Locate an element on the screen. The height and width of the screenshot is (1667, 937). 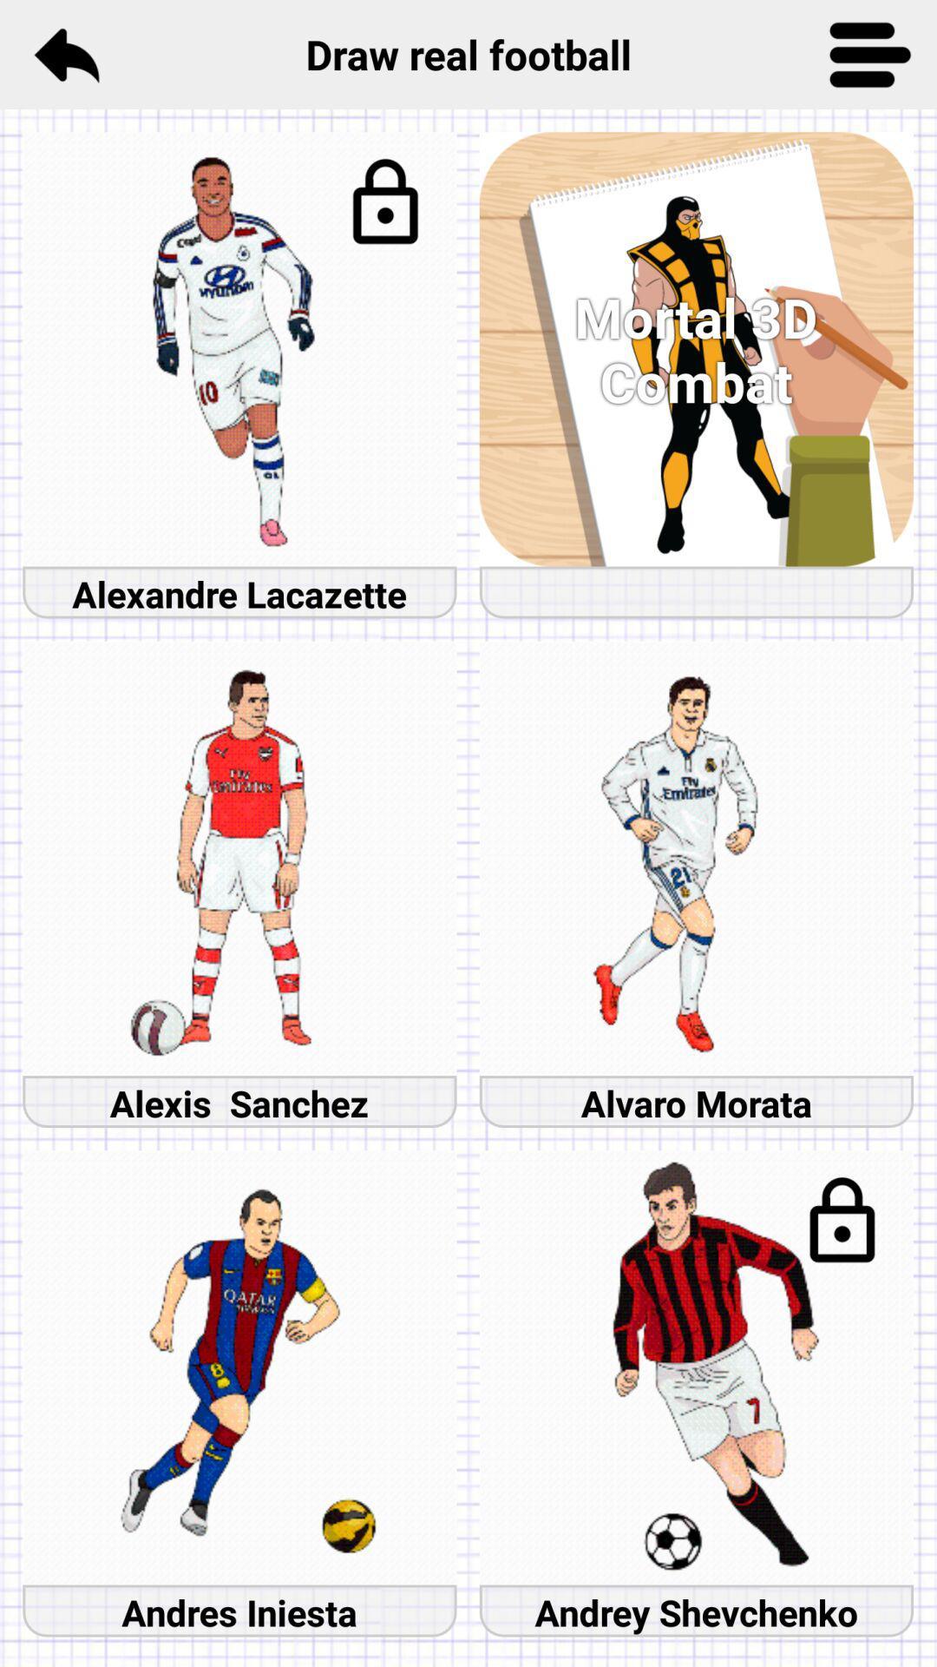
the icon to the right of draw real football is located at coordinates (870, 54).